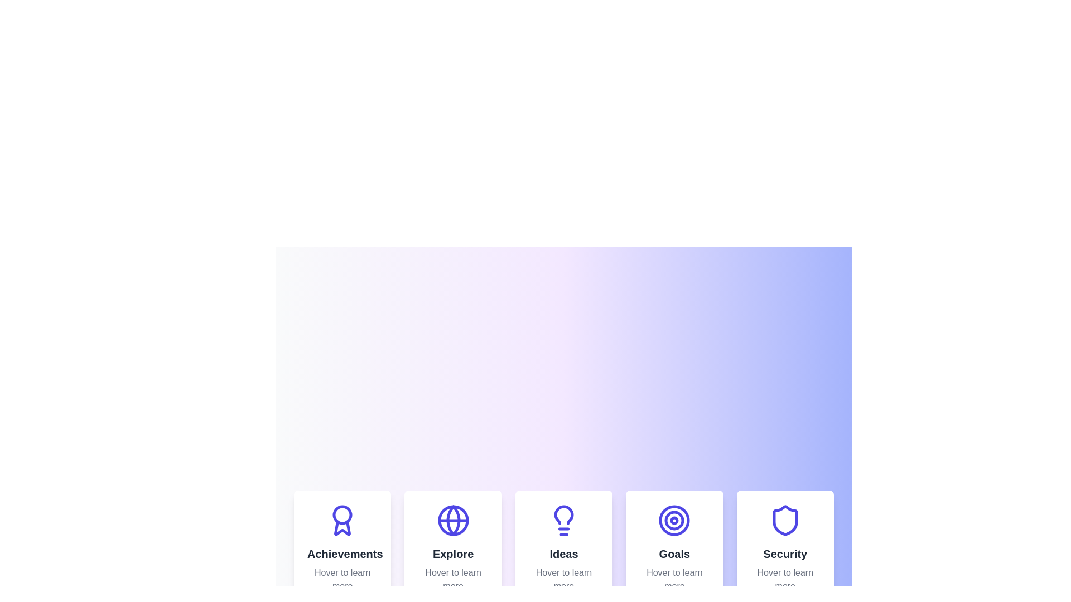  Describe the element at coordinates (342, 554) in the screenshot. I see `the text label that displays 'Achievements', which is styled with a bold, extra-large font and is positioned centrally below an award icon` at that location.